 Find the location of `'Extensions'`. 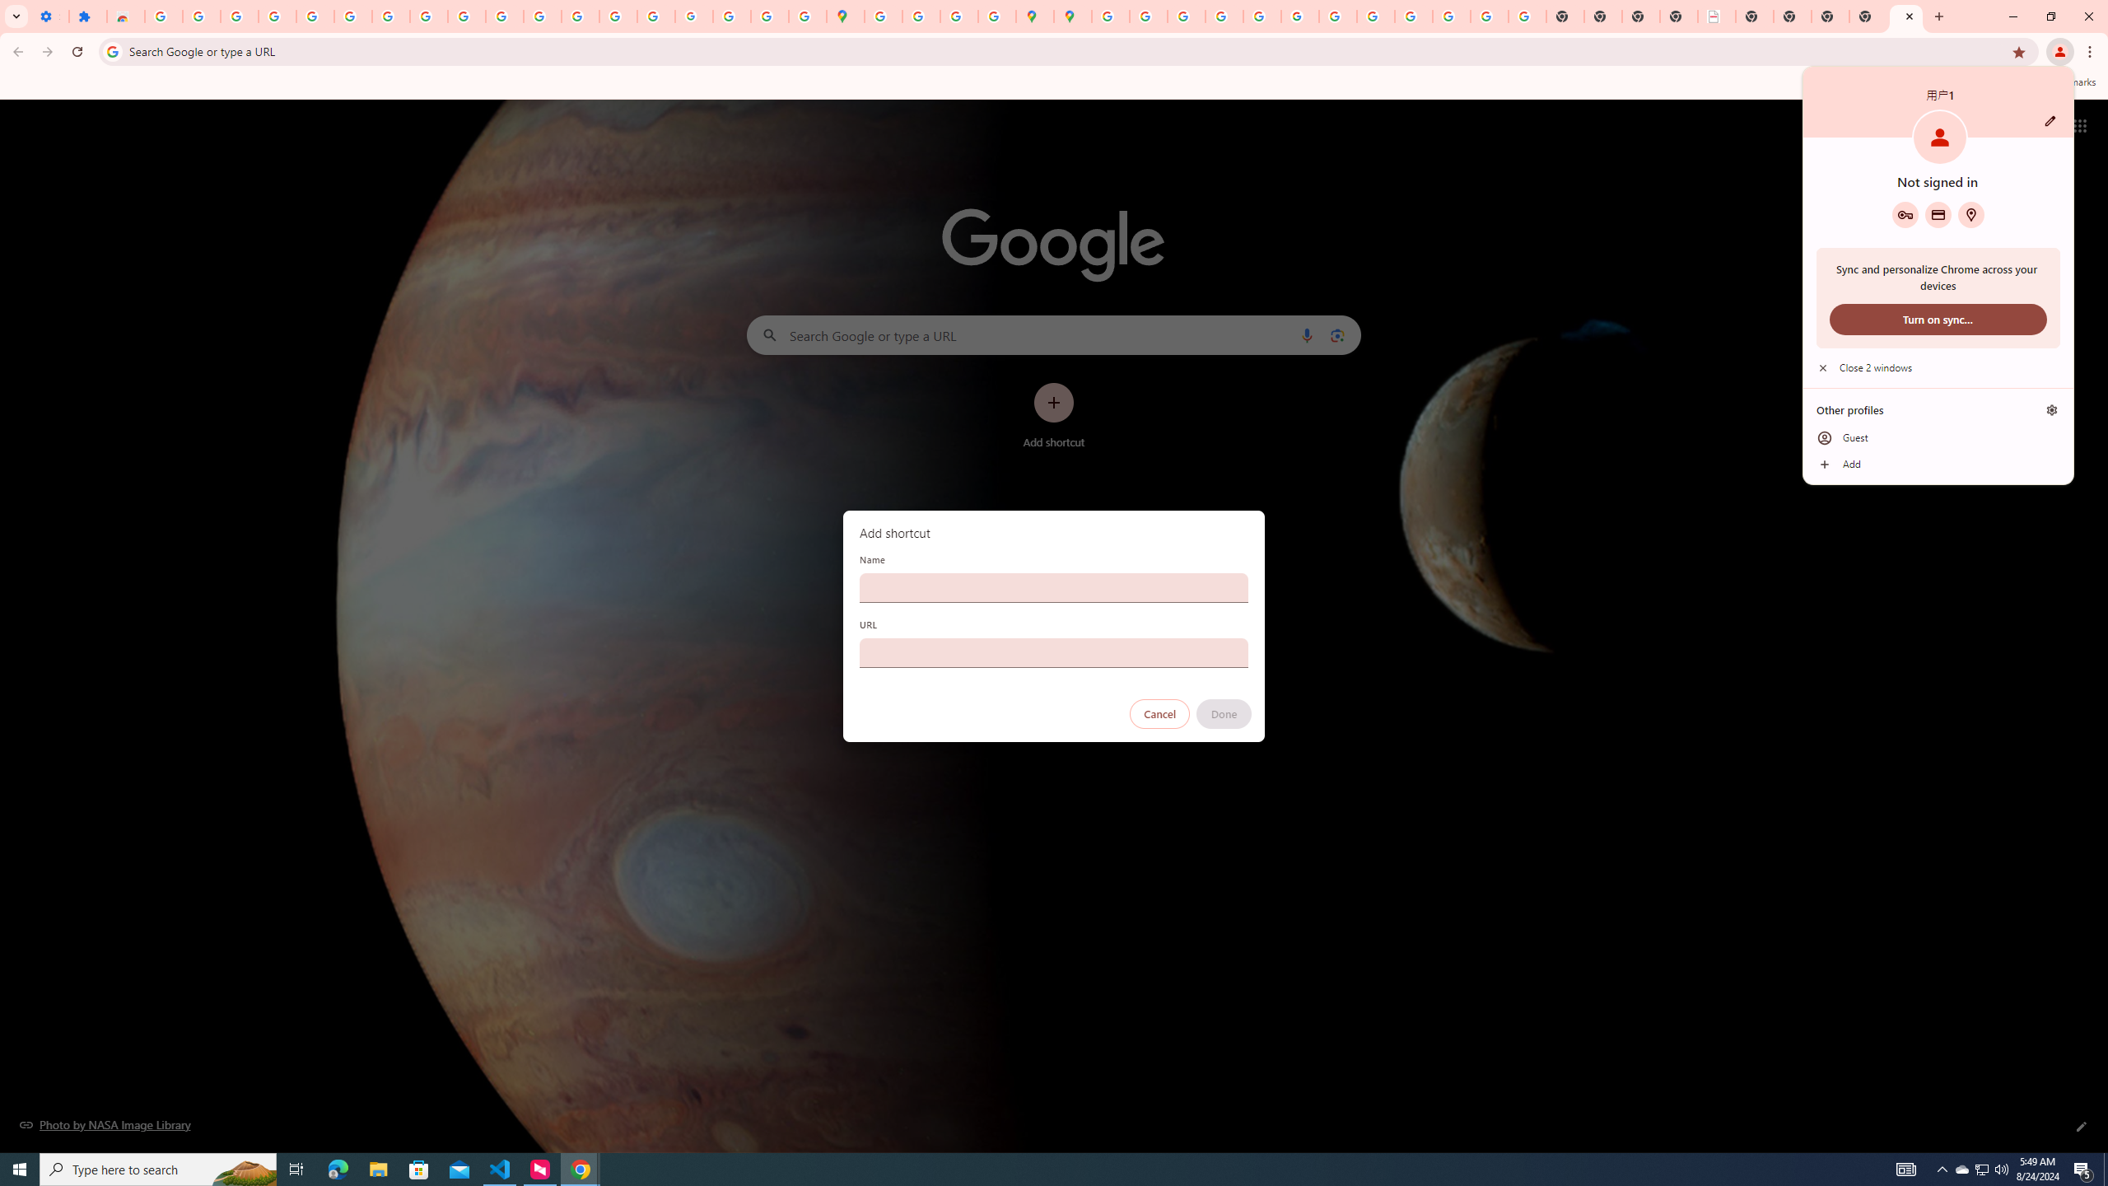

'Extensions' is located at coordinates (86, 16).